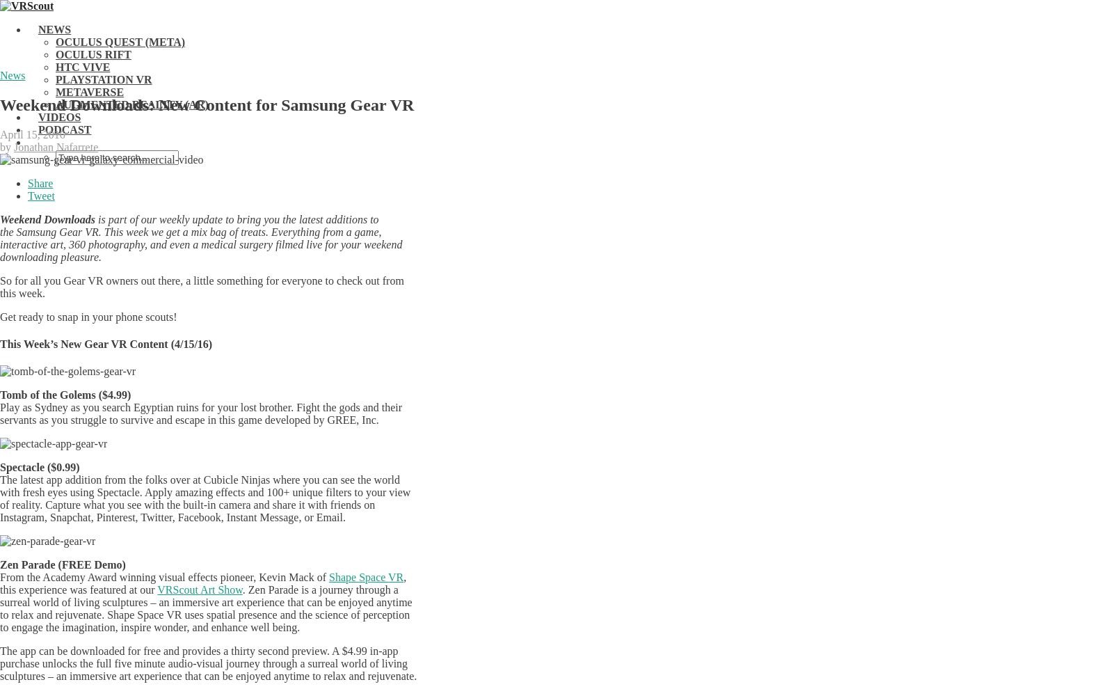 This screenshot has height=689, width=1113. What do you see at coordinates (0, 413) in the screenshot?
I see `'Play as Sydney as you search Egyptian ruins for your lost brother. Fight the gods and their servants as you struggle to survive and escape in this game developed by GREE, Inc.'` at bounding box center [0, 413].